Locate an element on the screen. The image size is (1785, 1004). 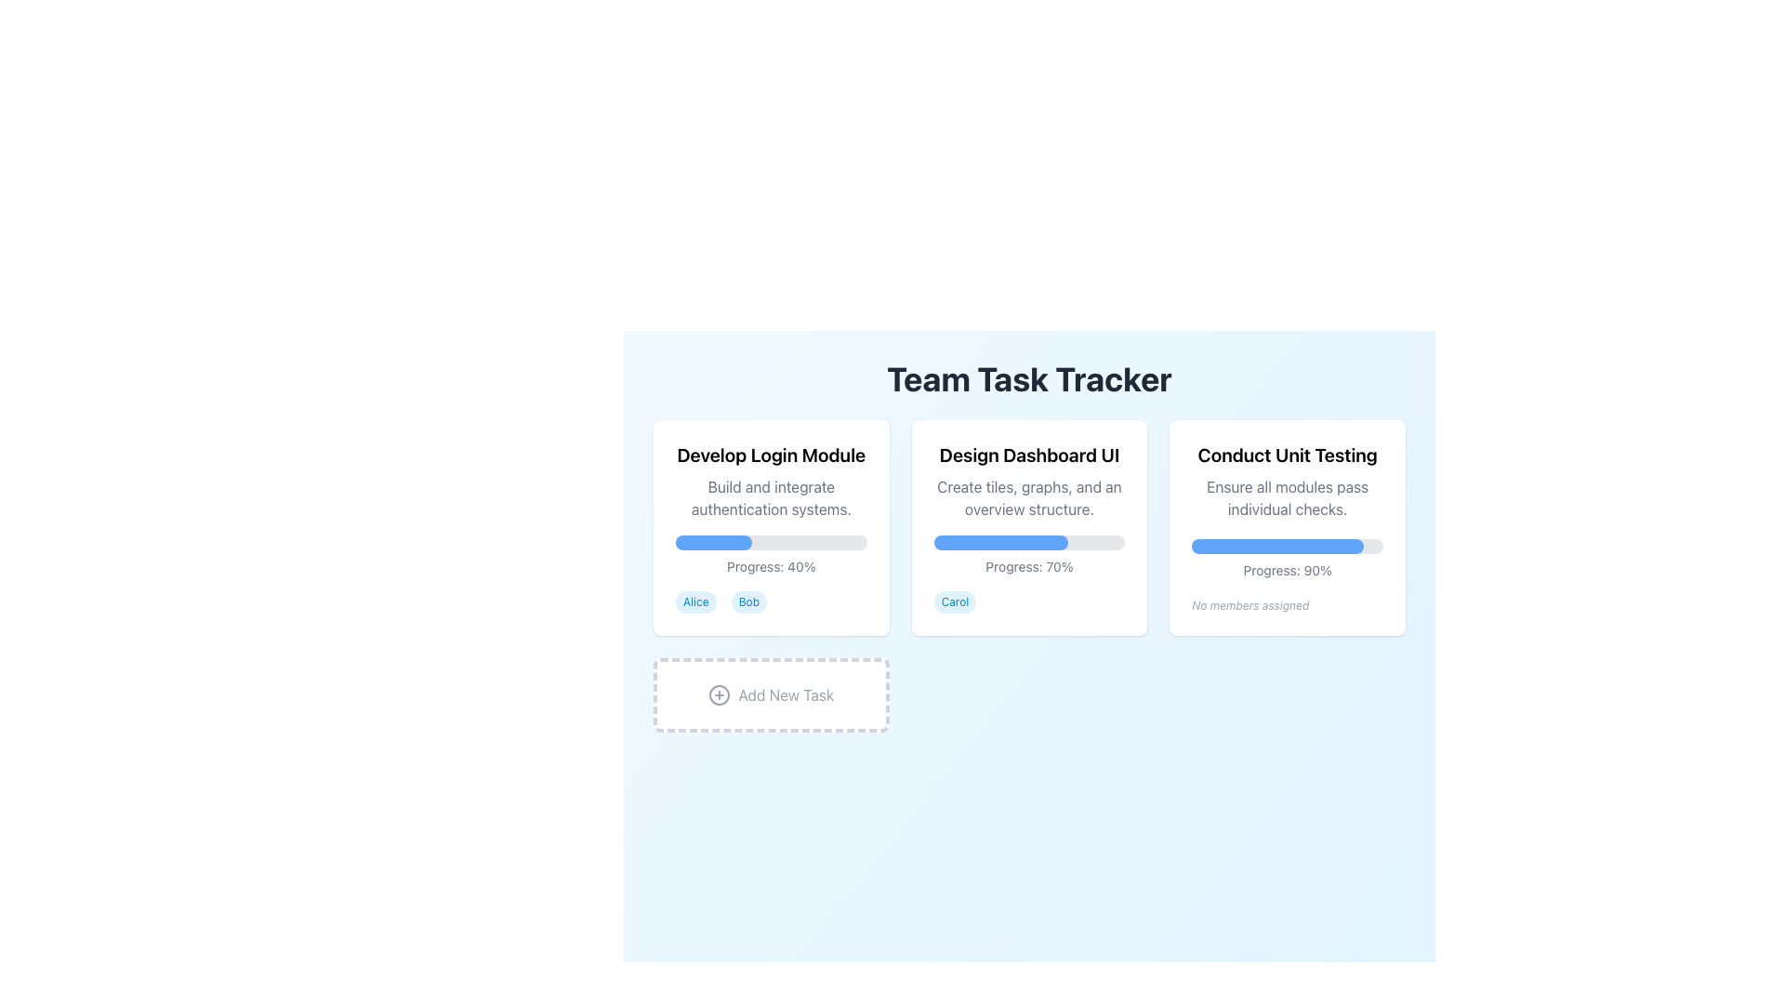
informational text block located at the top of the first card in the 'Team Task Tracker' interface, which provides the task title and description is located at coordinates (771, 487).